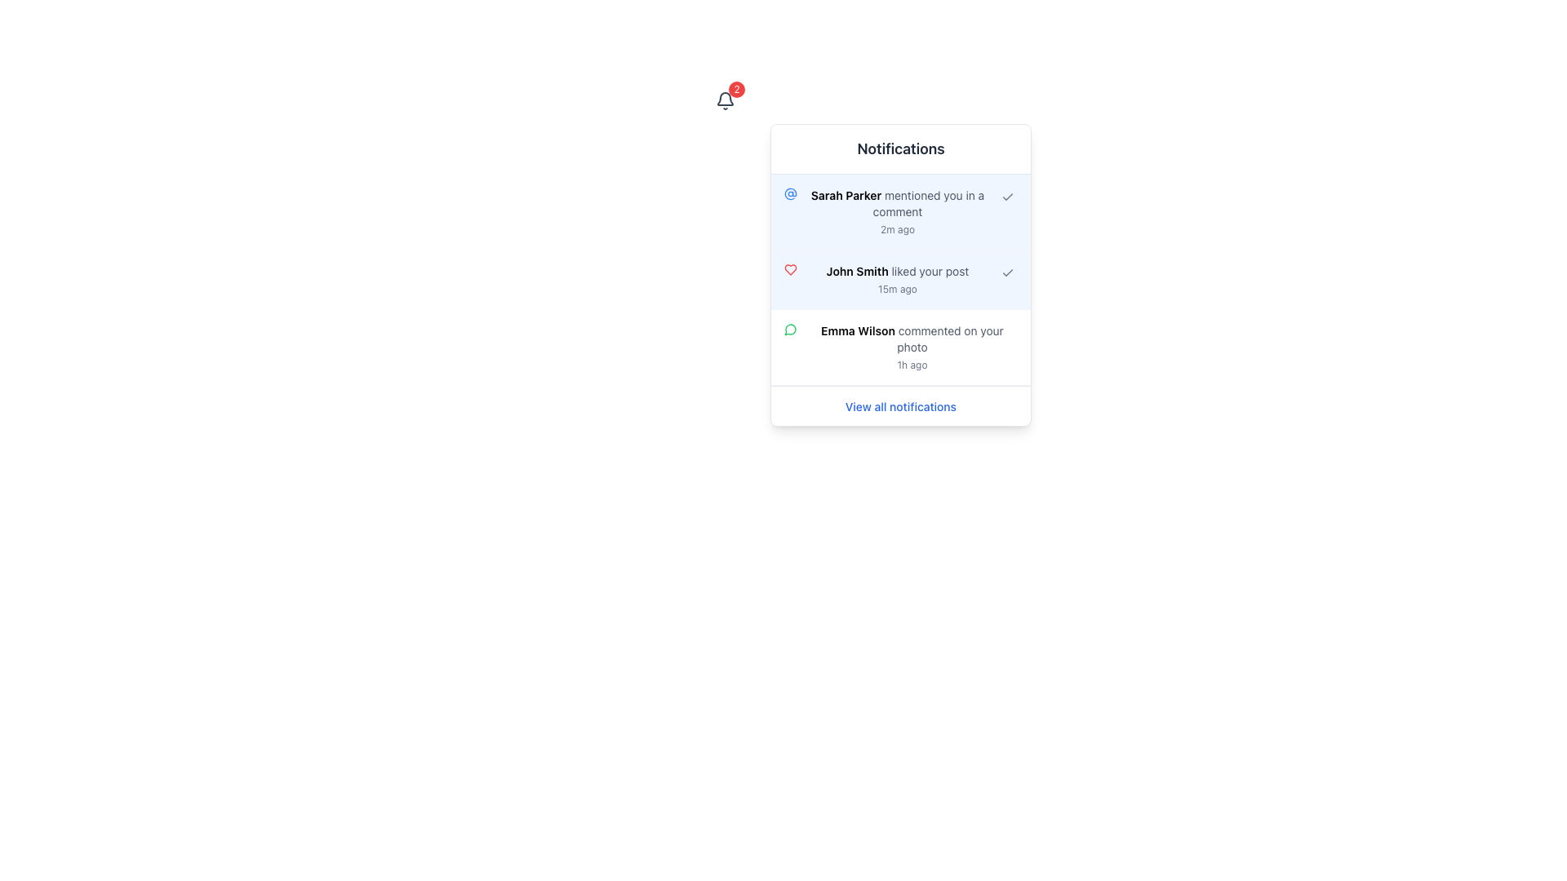  What do you see at coordinates (896, 279) in the screenshot?
I see `the text label notification that indicates 'John Smith liked your post,' which is styled with a light background and contrasting text colors, positioned in a dropdown panel below 'Sarah Parker mentioned you in a comment.'` at bounding box center [896, 279].